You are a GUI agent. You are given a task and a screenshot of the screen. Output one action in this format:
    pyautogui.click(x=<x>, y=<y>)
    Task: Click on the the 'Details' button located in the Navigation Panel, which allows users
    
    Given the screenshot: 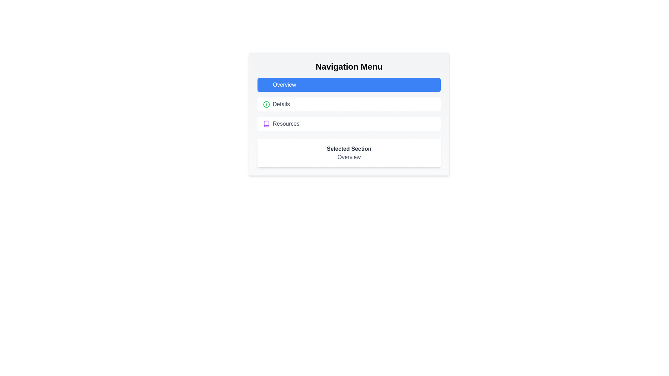 What is the action you would take?
    pyautogui.click(x=349, y=113)
    